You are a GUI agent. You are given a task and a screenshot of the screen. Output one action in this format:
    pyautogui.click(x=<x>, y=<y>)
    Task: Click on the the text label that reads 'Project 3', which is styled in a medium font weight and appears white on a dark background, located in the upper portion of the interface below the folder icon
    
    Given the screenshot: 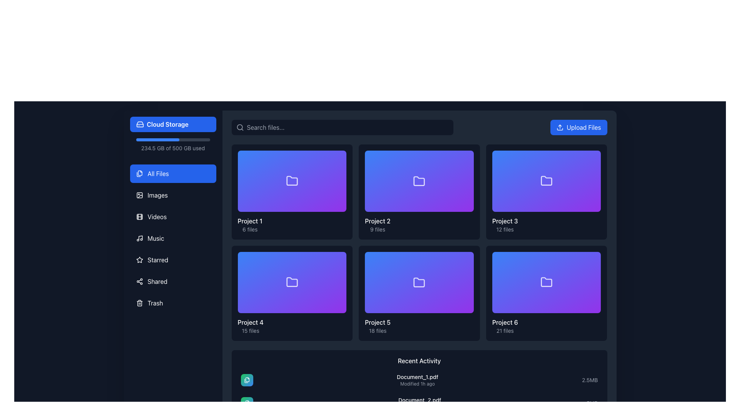 What is the action you would take?
    pyautogui.click(x=505, y=221)
    